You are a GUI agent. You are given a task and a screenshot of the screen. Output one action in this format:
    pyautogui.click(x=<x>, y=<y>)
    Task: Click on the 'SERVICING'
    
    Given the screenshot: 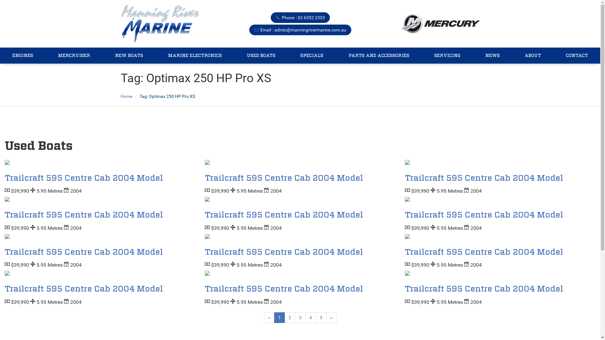 What is the action you would take?
    pyautogui.click(x=447, y=55)
    